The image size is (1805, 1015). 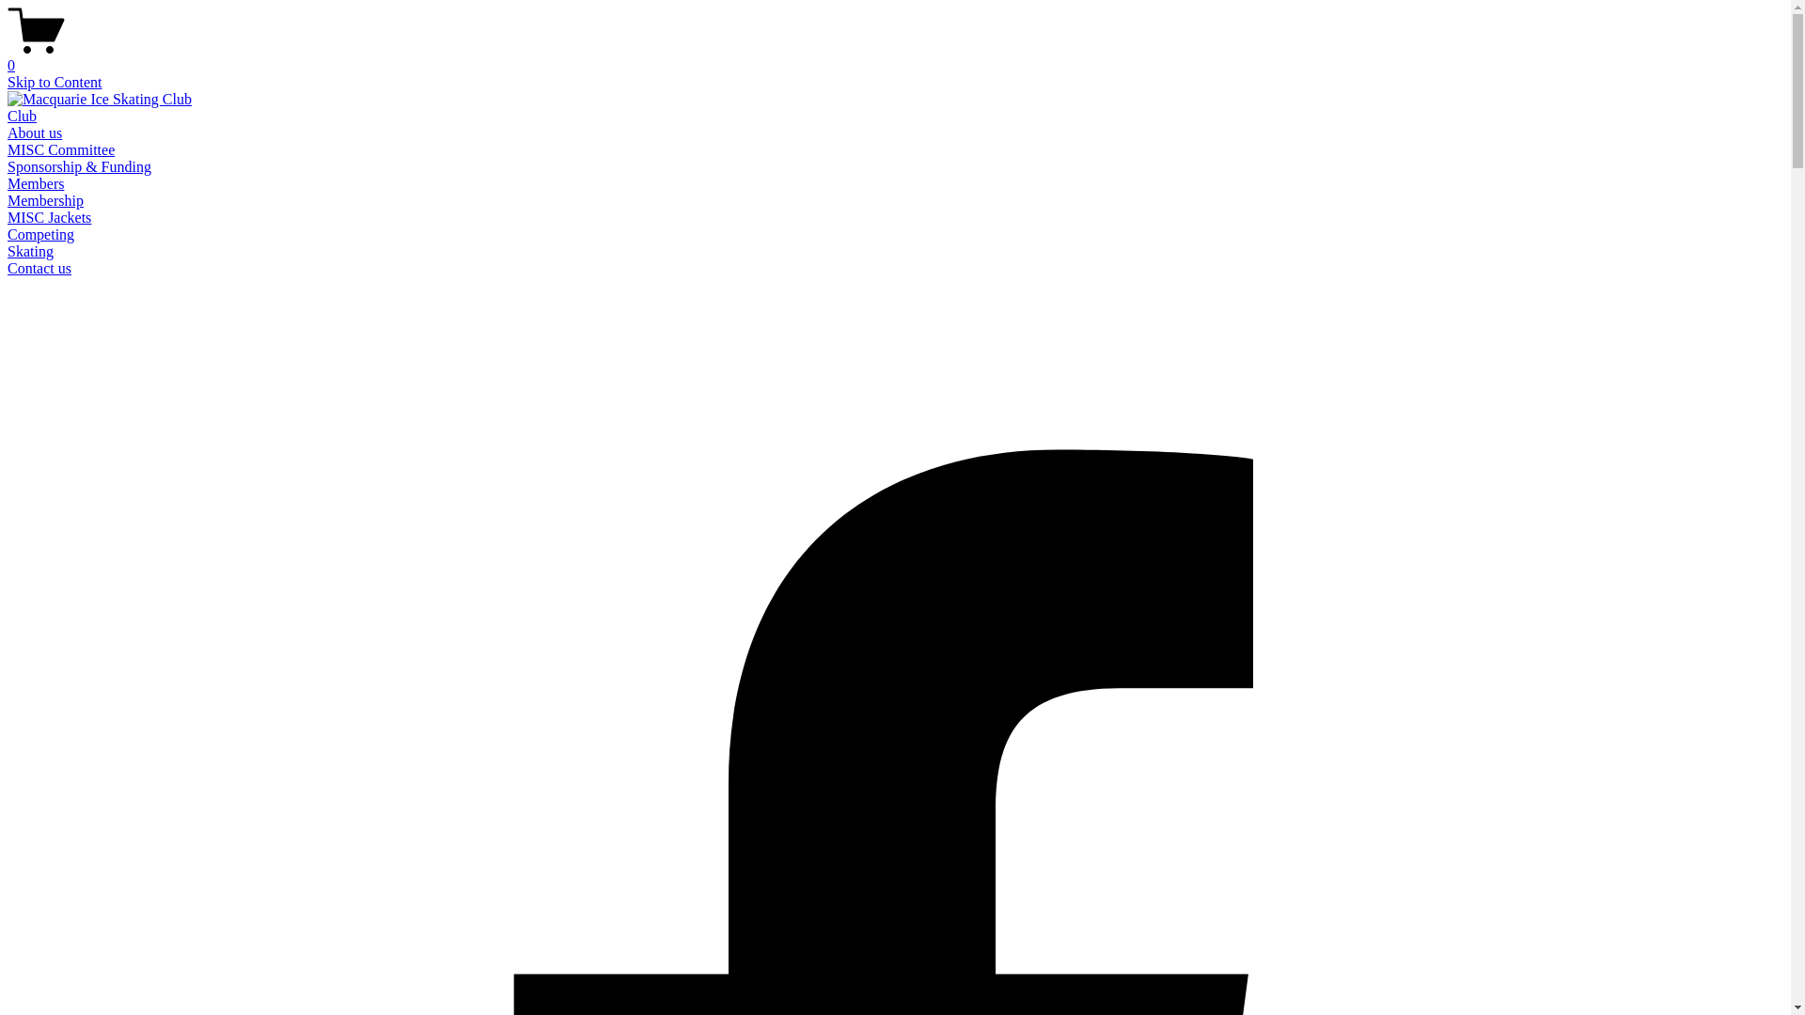 I want to click on 'MISC Jackets', so click(x=8, y=216).